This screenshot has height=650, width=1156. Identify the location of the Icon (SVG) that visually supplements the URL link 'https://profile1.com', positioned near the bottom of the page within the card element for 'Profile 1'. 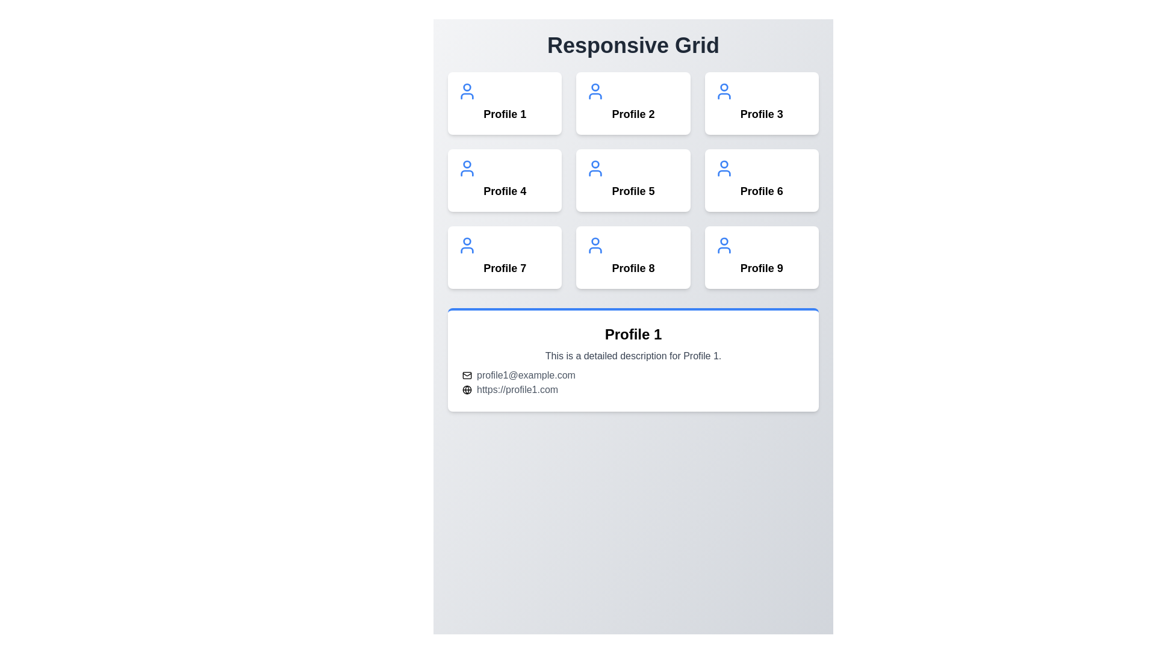
(467, 390).